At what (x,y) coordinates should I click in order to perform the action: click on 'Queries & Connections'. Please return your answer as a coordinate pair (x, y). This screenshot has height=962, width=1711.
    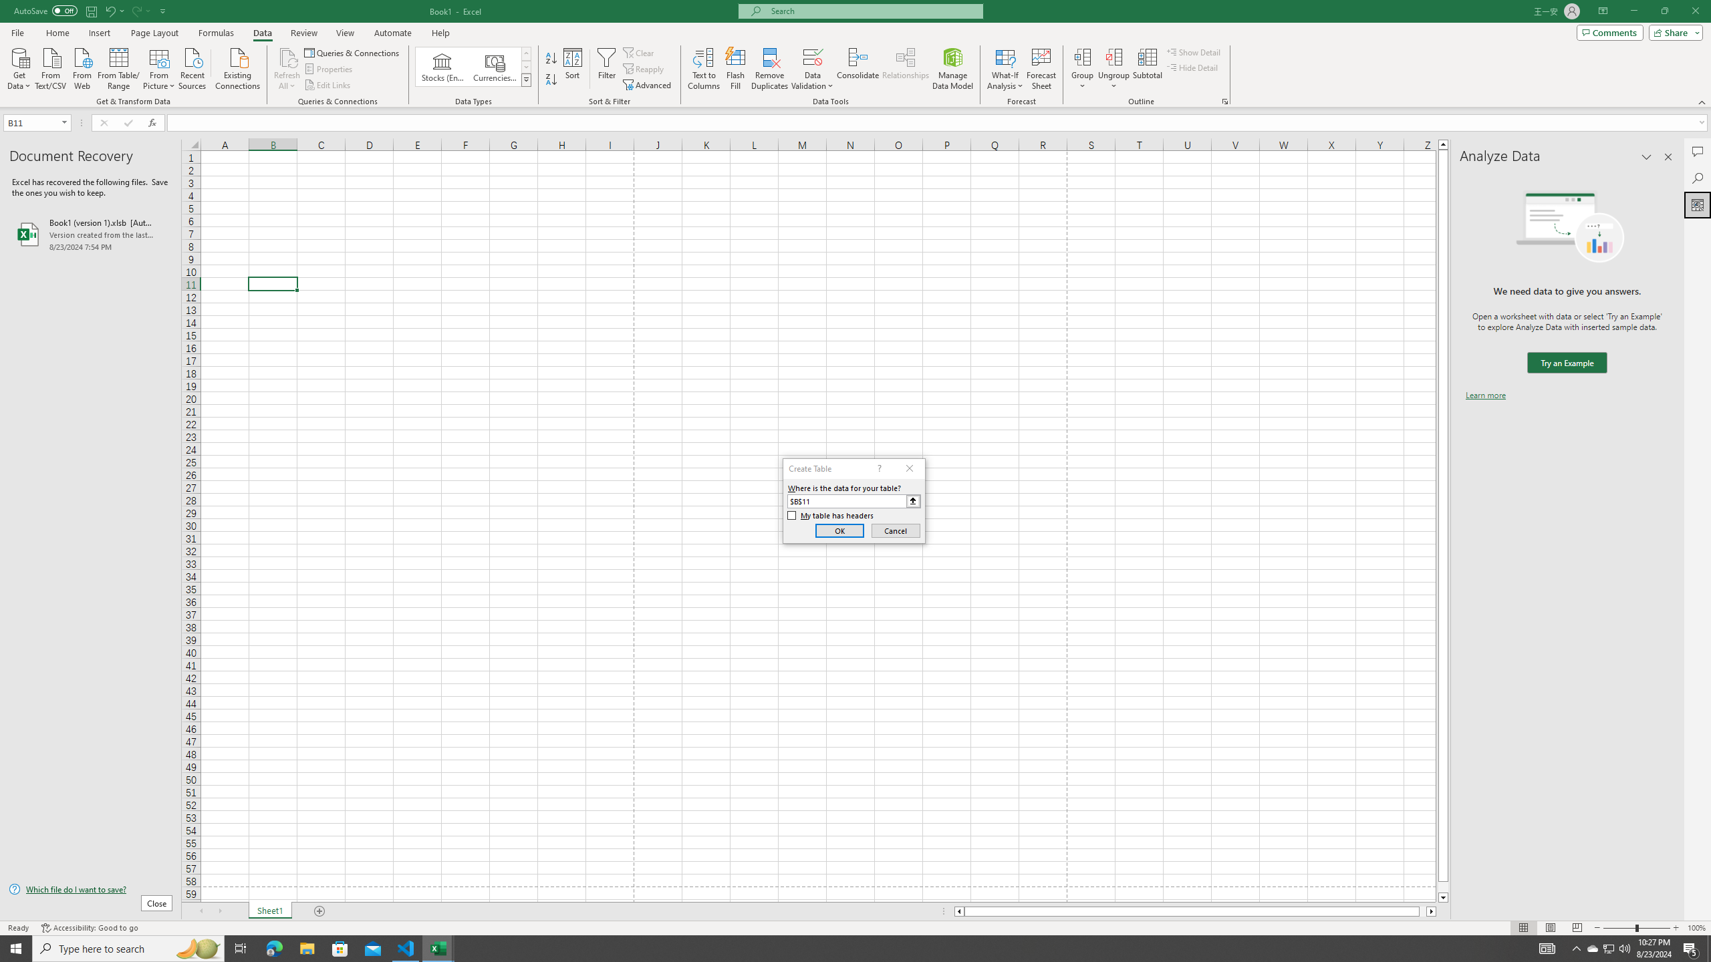
    Looking at the image, I should click on (352, 52).